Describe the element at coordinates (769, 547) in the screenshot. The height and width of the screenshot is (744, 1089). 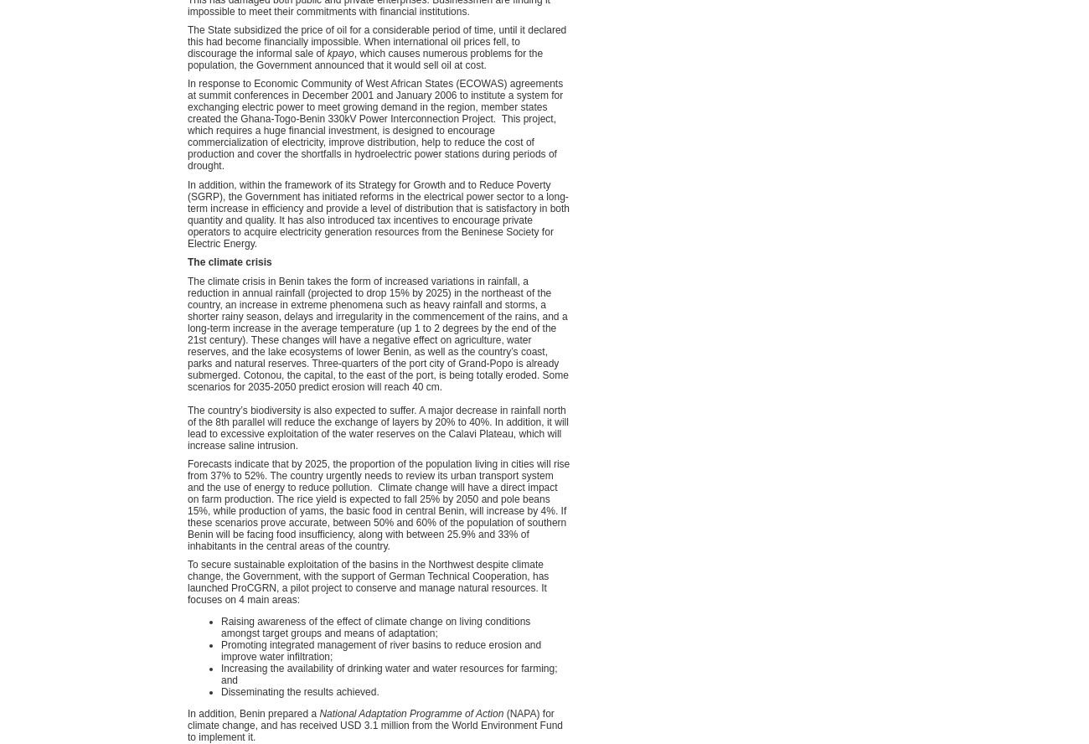
I see `'Viet Nam'` at that location.